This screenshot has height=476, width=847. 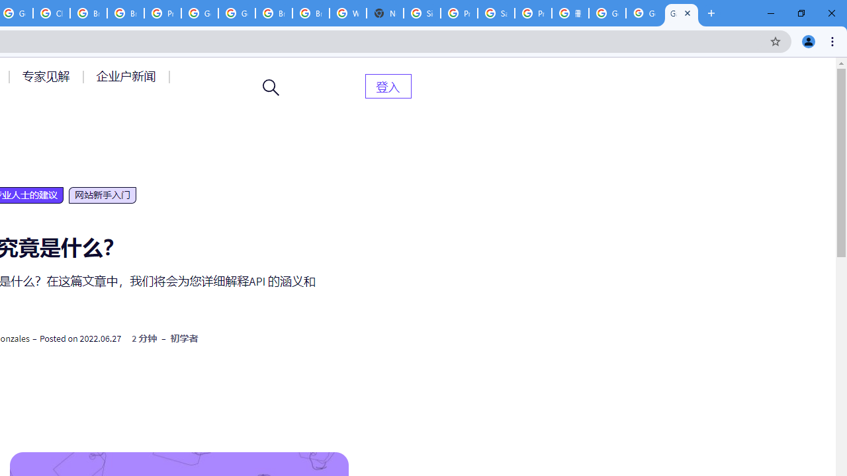 I want to click on 'AutomationID: menu-item-77764', so click(x=48, y=76).